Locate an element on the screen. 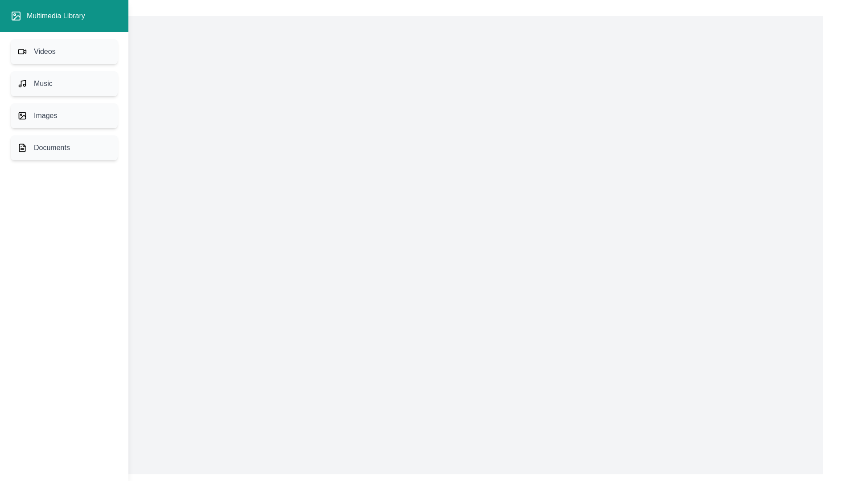 The width and height of the screenshot is (856, 481). the category Images from the list is located at coordinates (64, 115).